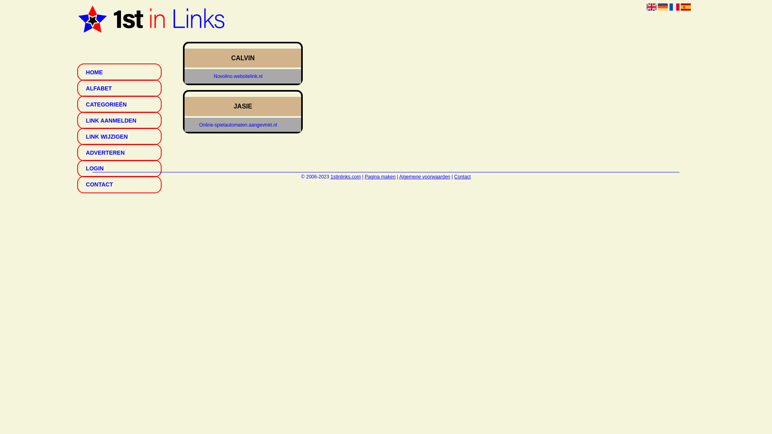 The width and height of the screenshot is (772, 434). What do you see at coordinates (238, 125) in the screenshot?
I see `'Online-spielautomaten.aangevinkt.nl'` at bounding box center [238, 125].